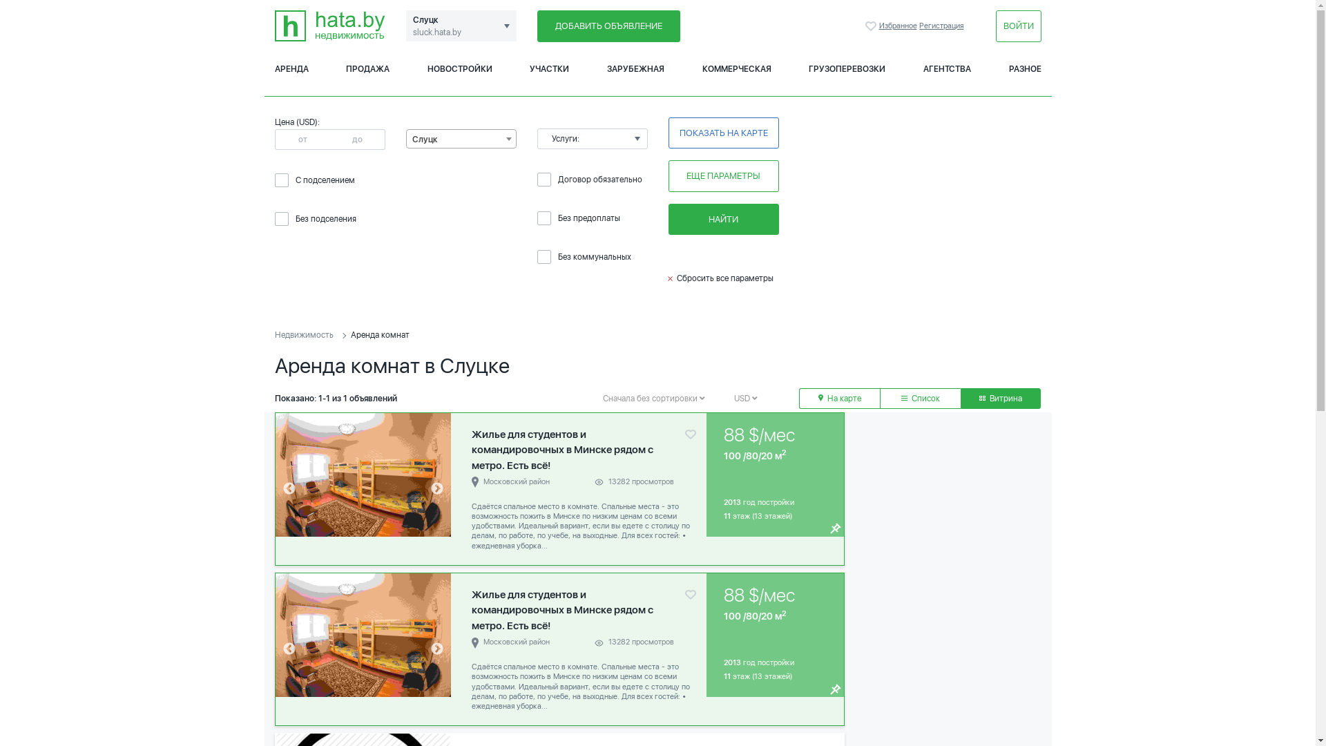 The height and width of the screenshot is (746, 1326). I want to click on 'Next', so click(436, 649).